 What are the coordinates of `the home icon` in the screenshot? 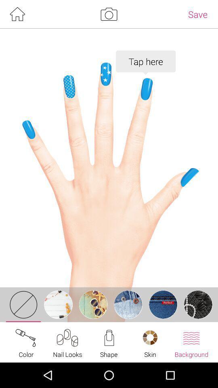 It's located at (17, 15).